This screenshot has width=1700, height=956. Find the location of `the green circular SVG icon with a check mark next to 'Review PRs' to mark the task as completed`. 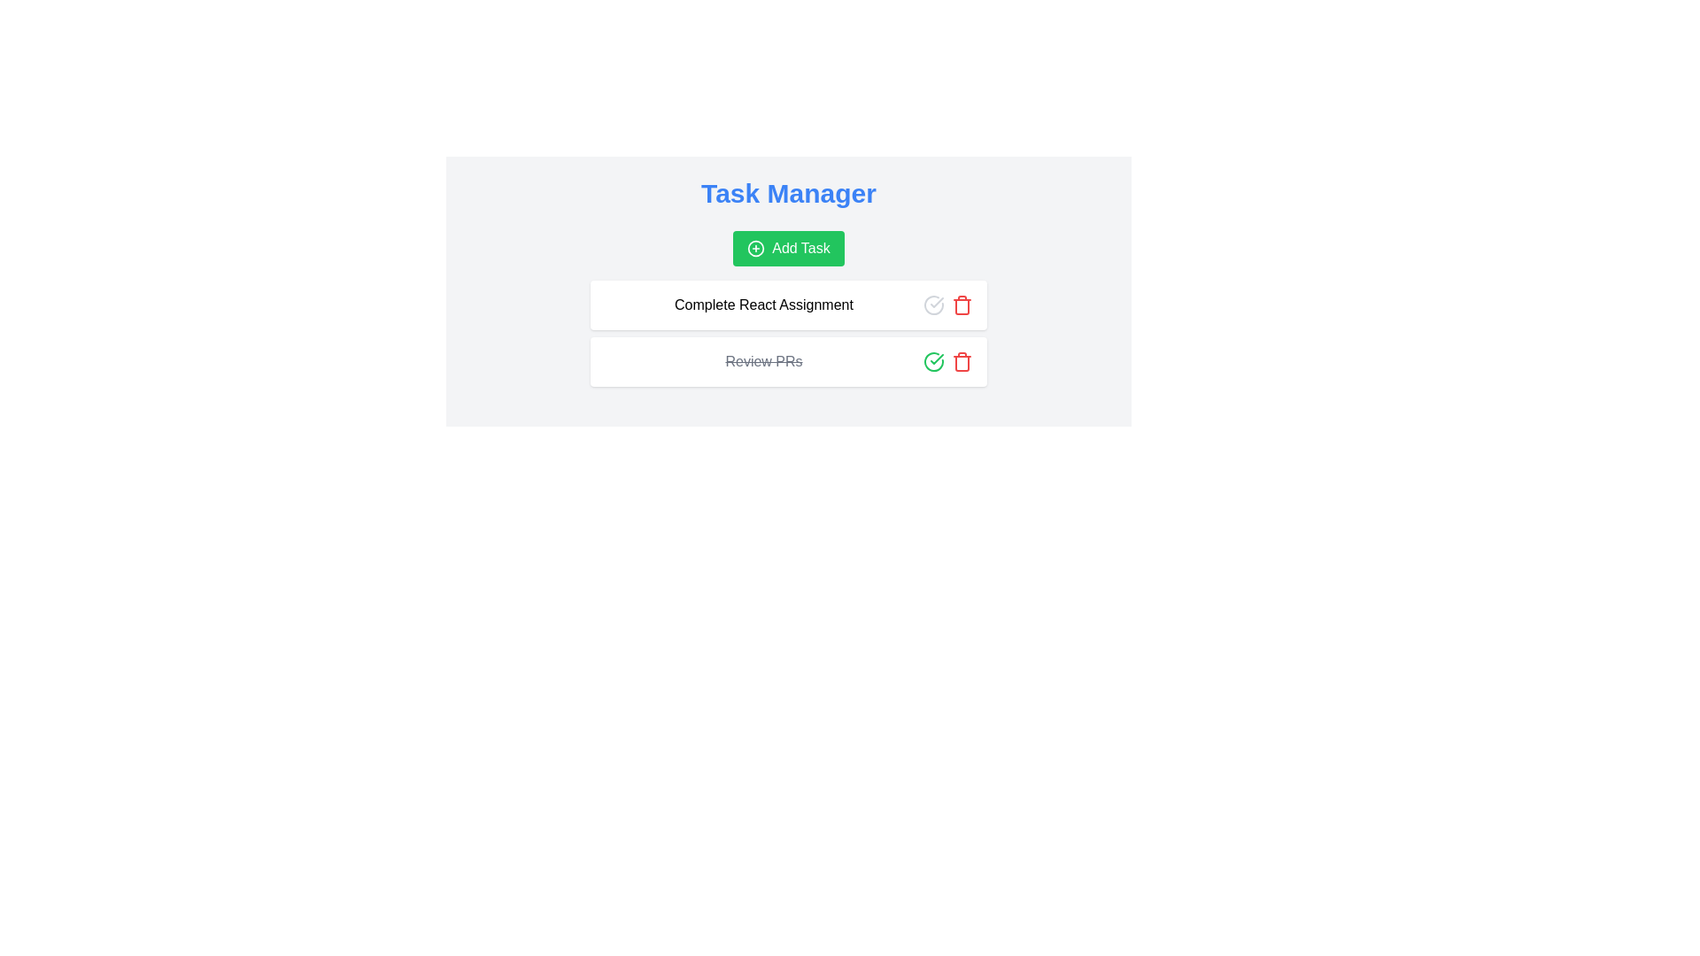

the green circular SVG icon with a check mark next to 'Review PRs' to mark the task as completed is located at coordinates (933, 360).